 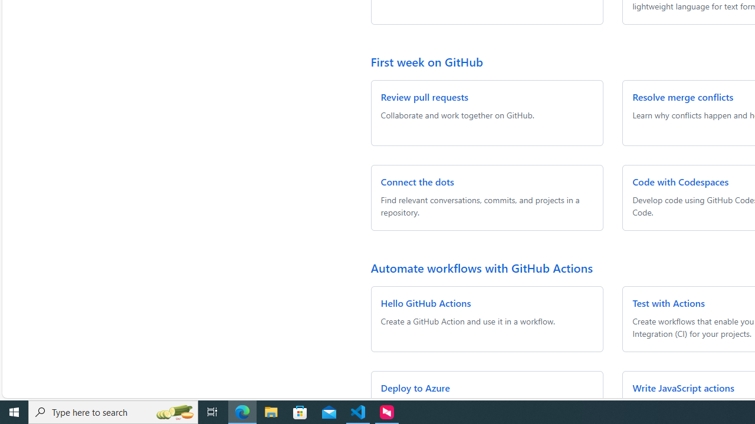 What do you see at coordinates (684, 387) in the screenshot?
I see `'Write JavaScript actions'` at bounding box center [684, 387].